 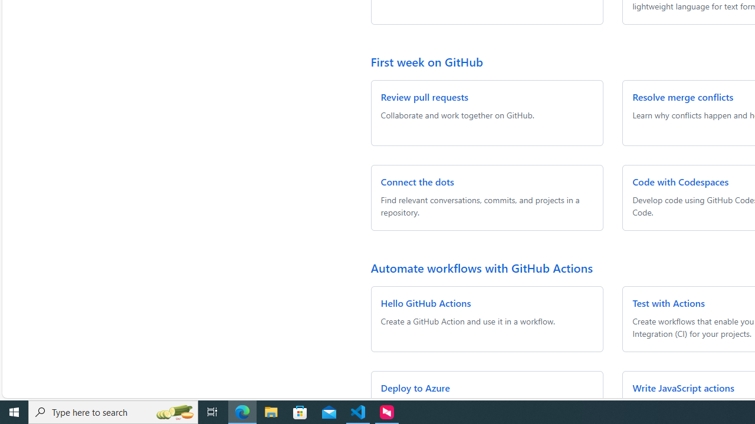 What do you see at coordinates (684, 387) in the screenshot?
I see `'Write JavaScript actions'` at bounding box center [684, 387].